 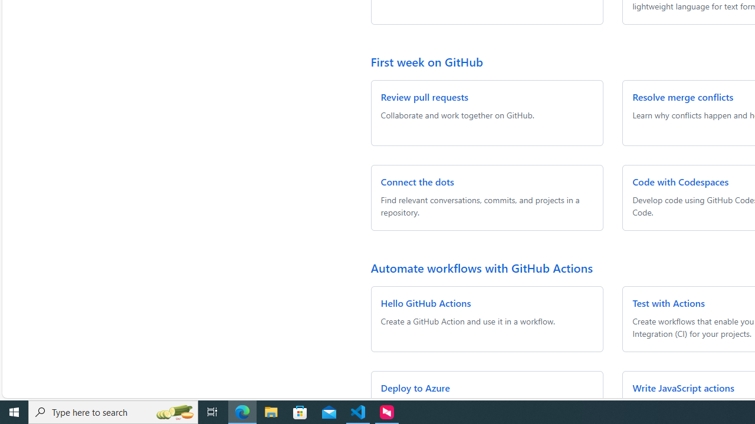 What do you see at coordinates (684, 387) in the screenshot?
I see `'Write JavaScript actions'` at bounding box center [684, 387].